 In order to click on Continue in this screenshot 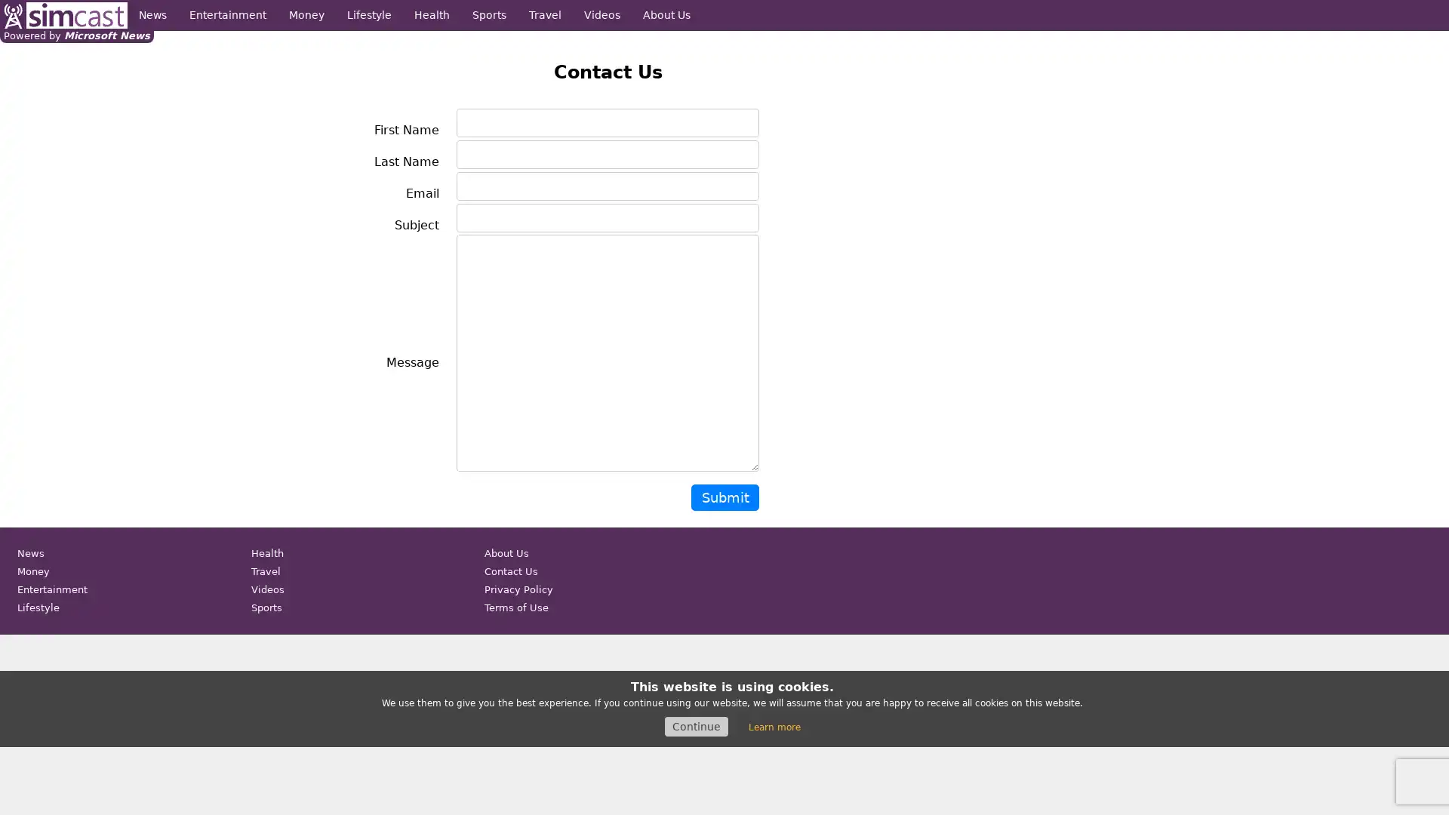, I will do `click(695, 726)`.